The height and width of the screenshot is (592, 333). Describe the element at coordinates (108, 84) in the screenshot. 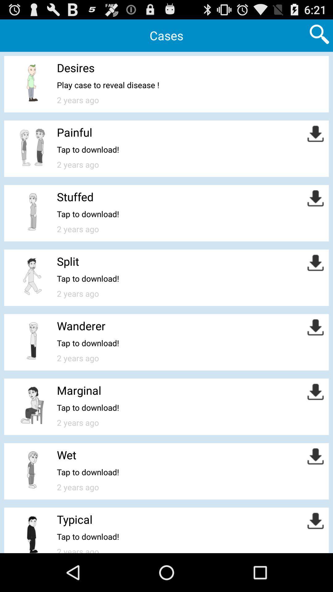

I see `the play case to item` at that location.